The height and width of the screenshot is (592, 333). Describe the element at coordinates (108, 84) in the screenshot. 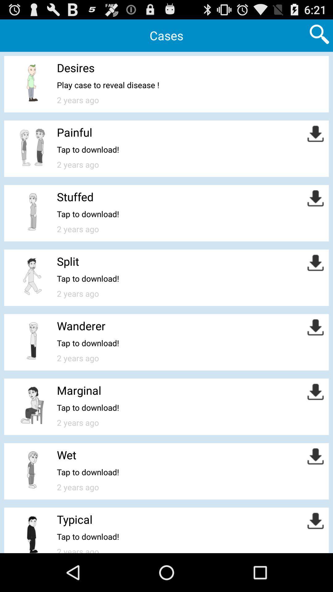

I see `the play case to item` at that location.